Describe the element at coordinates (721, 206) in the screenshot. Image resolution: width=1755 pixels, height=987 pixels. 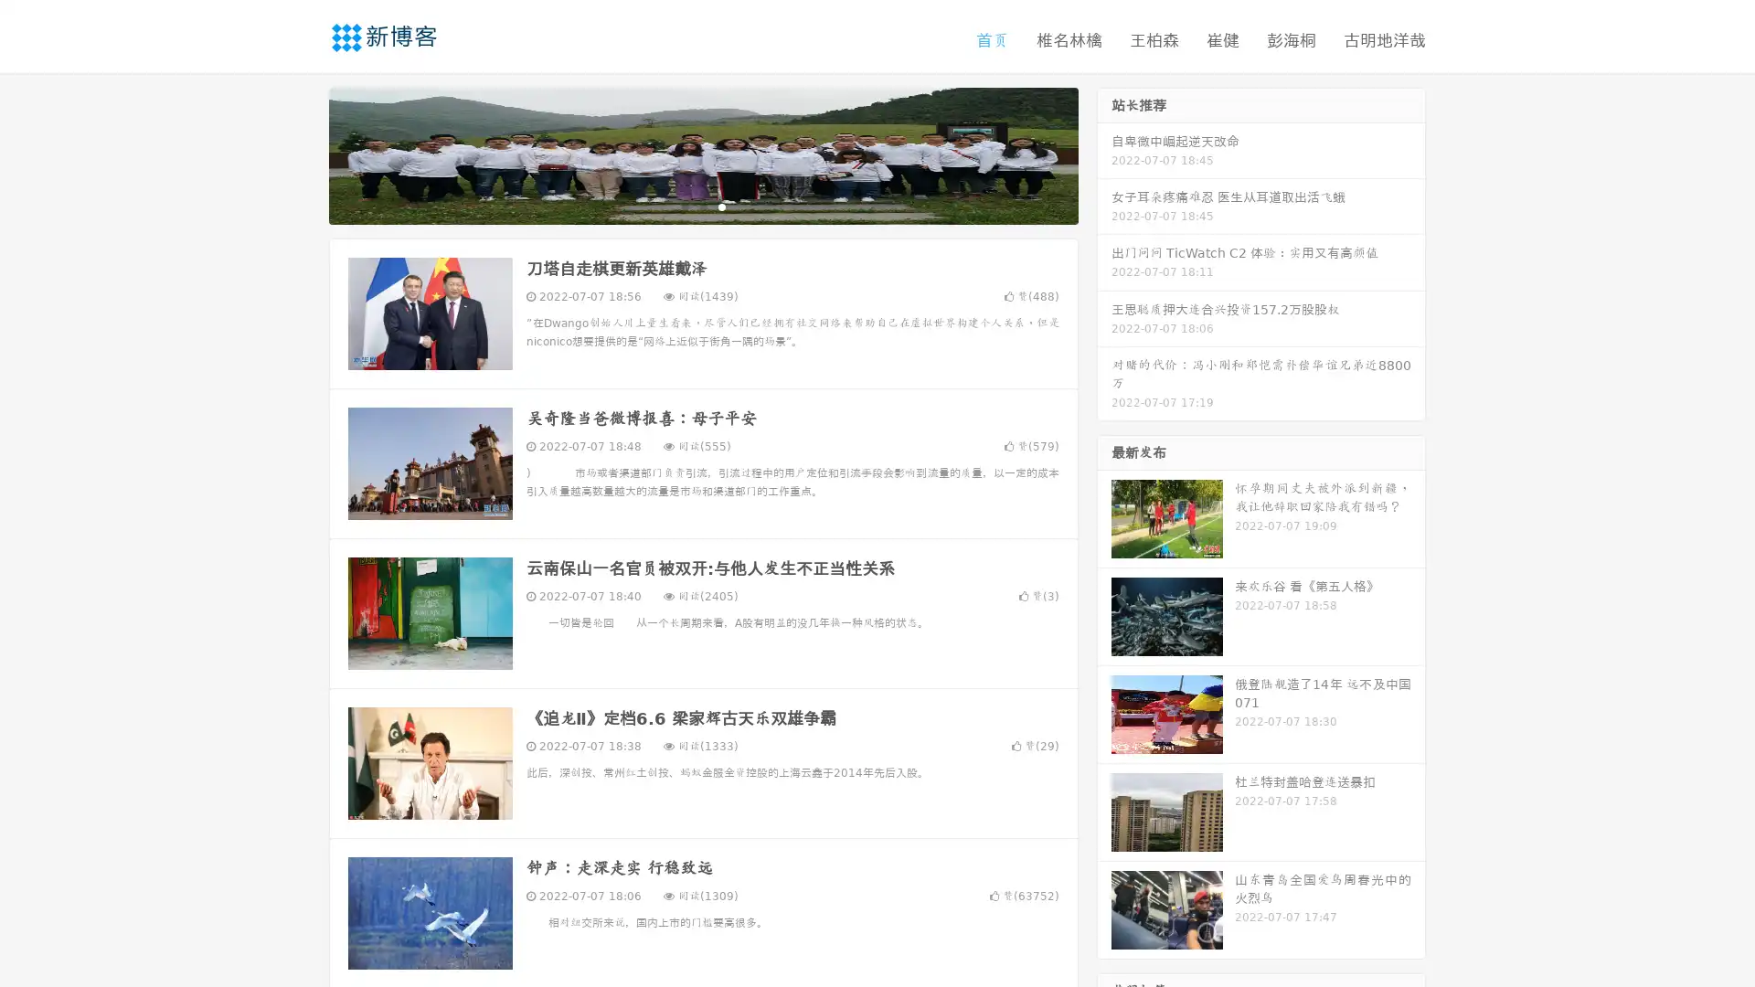
I see `Go to slide 3` at that location.